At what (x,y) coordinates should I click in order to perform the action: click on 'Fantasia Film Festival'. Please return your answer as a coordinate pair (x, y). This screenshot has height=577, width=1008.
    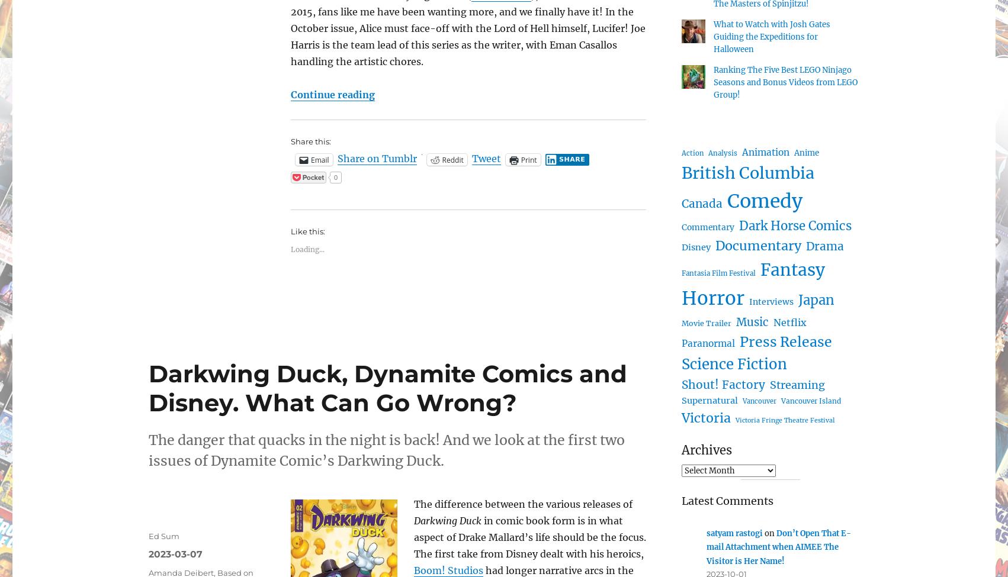
    Looking at the image, I should click on (718, 273).